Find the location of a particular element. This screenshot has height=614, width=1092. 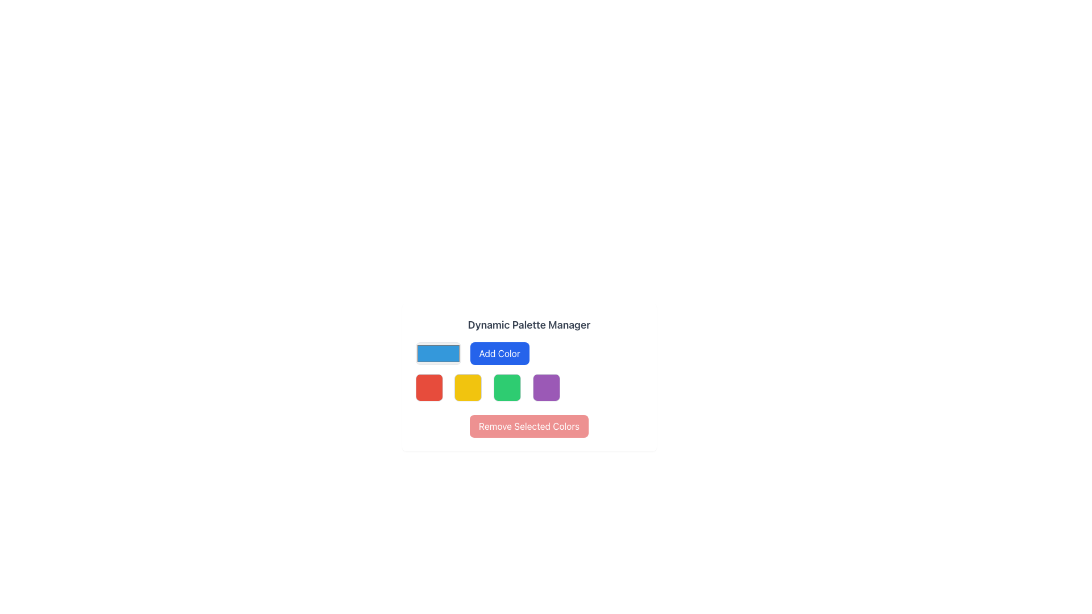

the Text Label that serves as a section title for managing a dynamic palette, located at the top-center of the interface above the 'Add Color' button is located at coordinates (528, 325).